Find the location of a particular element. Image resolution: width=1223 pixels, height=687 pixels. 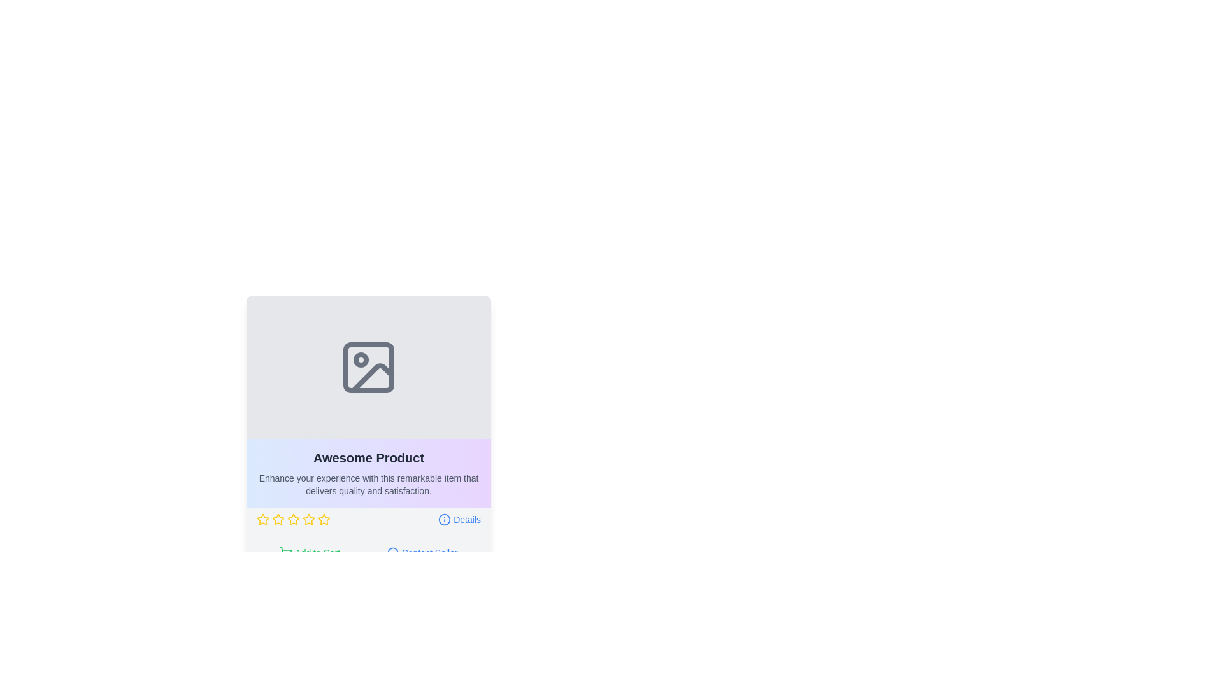

the first interactive star icon for rating located below the product description is located at coordinates (262, 520).